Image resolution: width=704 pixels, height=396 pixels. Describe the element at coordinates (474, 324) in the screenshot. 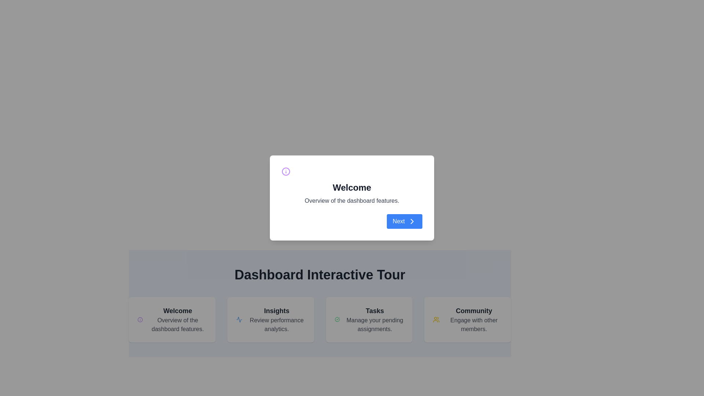

I see `the text label displaying 'Engage with other members.' located in the bottom portion of the 'Community' card` at that location.